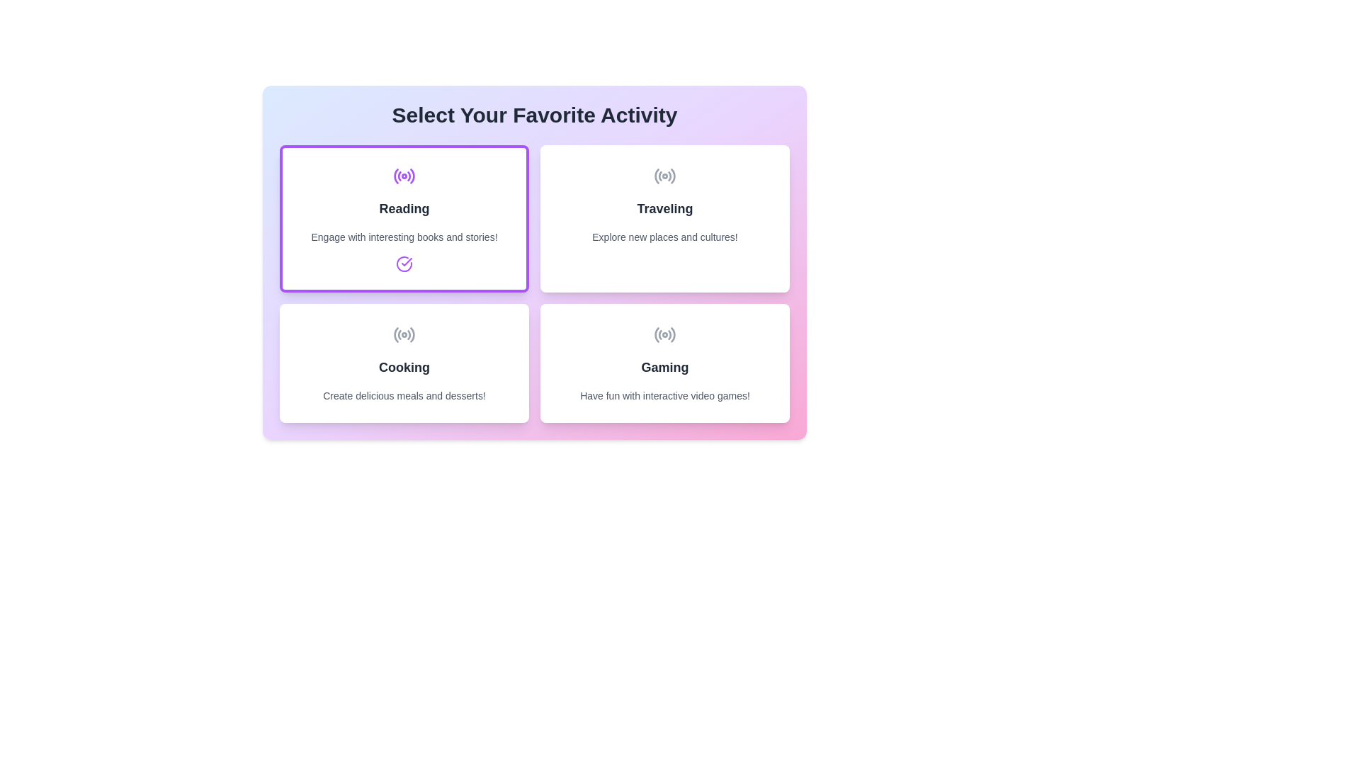 The width and height of the screenshot is (1360, 765). Describe the element at coordinates (408, 176) in the screenshot. I see `the decorative curve of the 'Reading' selection icon located in the upper-left selection card` at that location.